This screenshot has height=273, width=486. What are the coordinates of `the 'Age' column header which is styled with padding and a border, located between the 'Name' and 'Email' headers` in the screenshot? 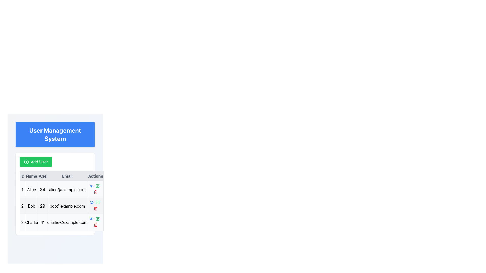 It's located at (43, 176).